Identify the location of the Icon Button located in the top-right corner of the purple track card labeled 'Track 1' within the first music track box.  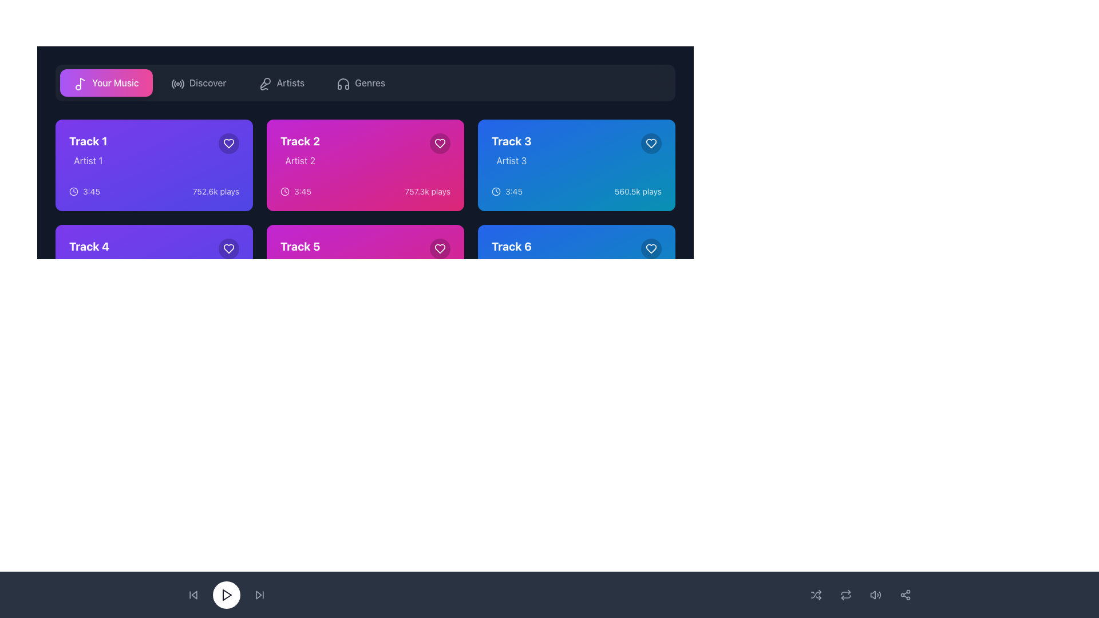
(228, 142).